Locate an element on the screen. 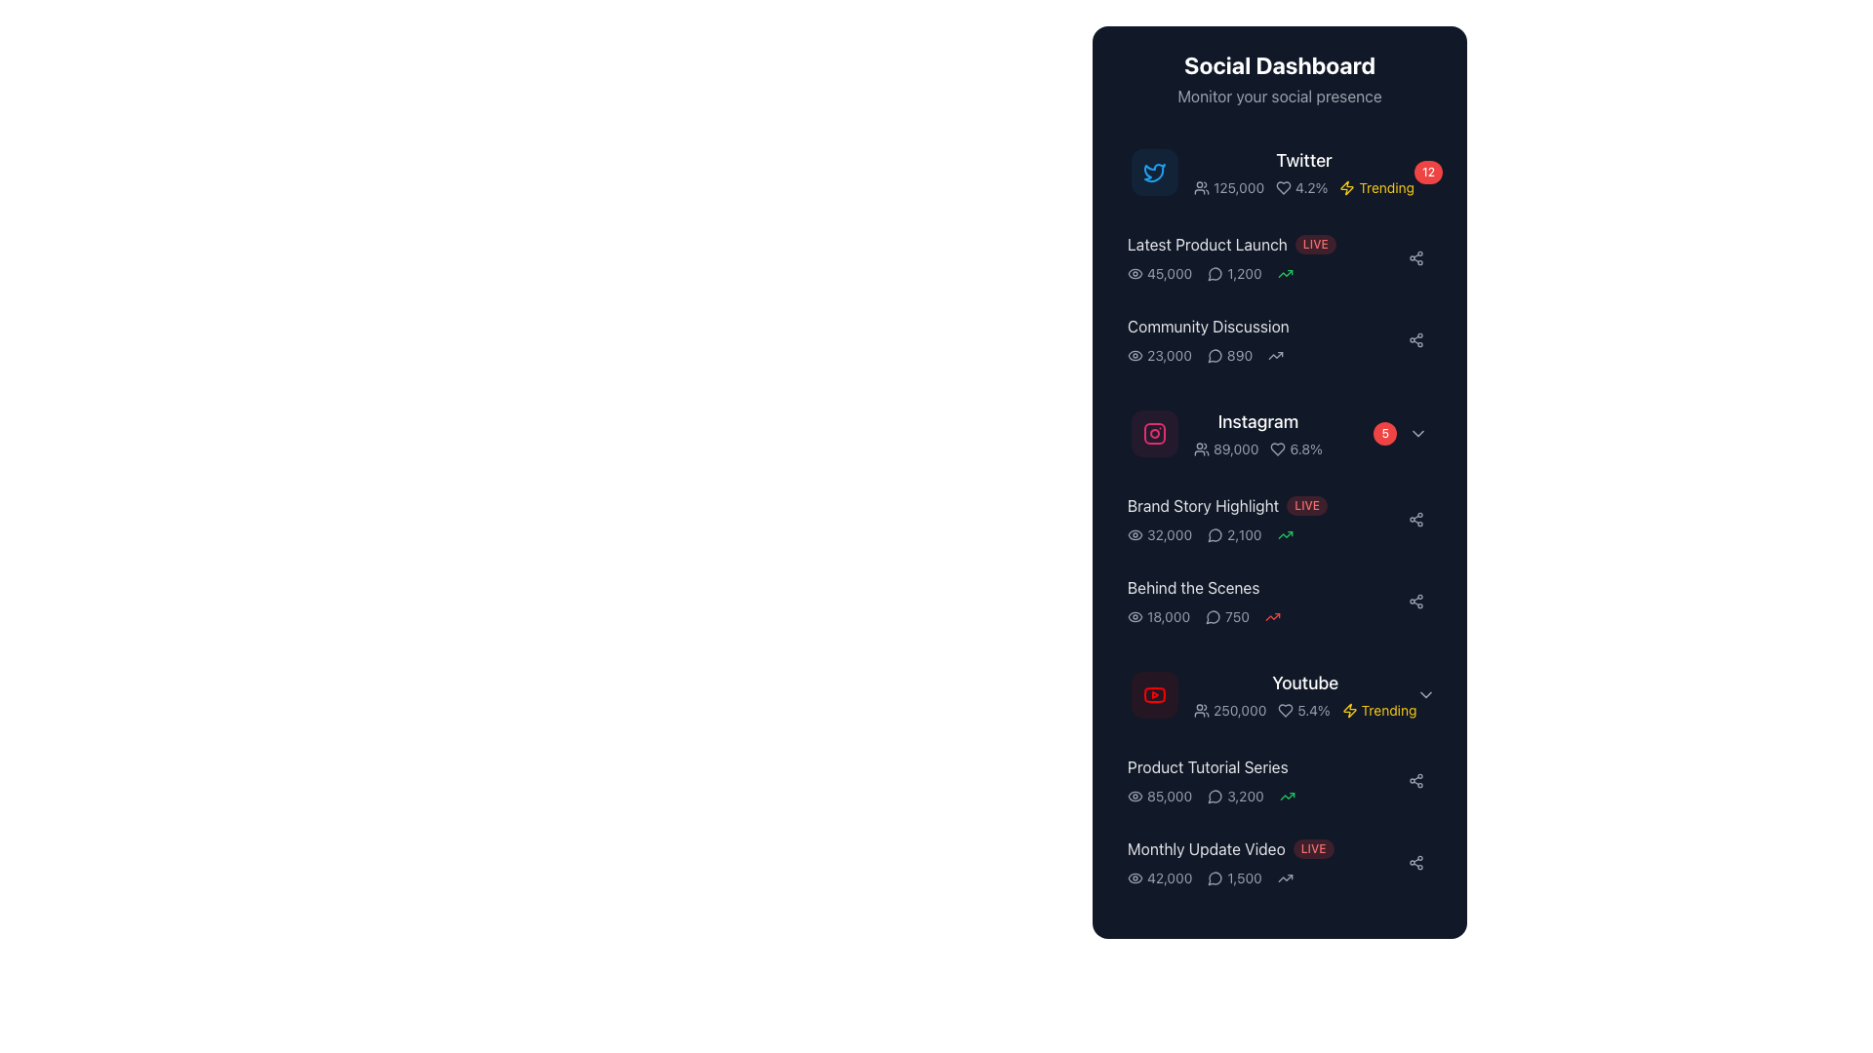 This screenshot has height=1053, width=1873. the non-interactive trending statistic icon located in the 'Community Discussion' section, adjacent to the text '890' is located at coordinates (1276, 356).